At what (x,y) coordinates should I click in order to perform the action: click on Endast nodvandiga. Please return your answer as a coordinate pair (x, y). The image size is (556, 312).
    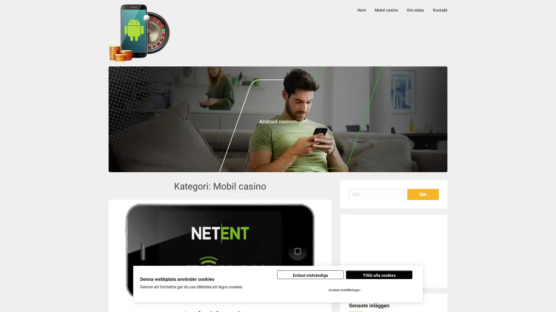
    Looking at the image, I should click on (310, 274).